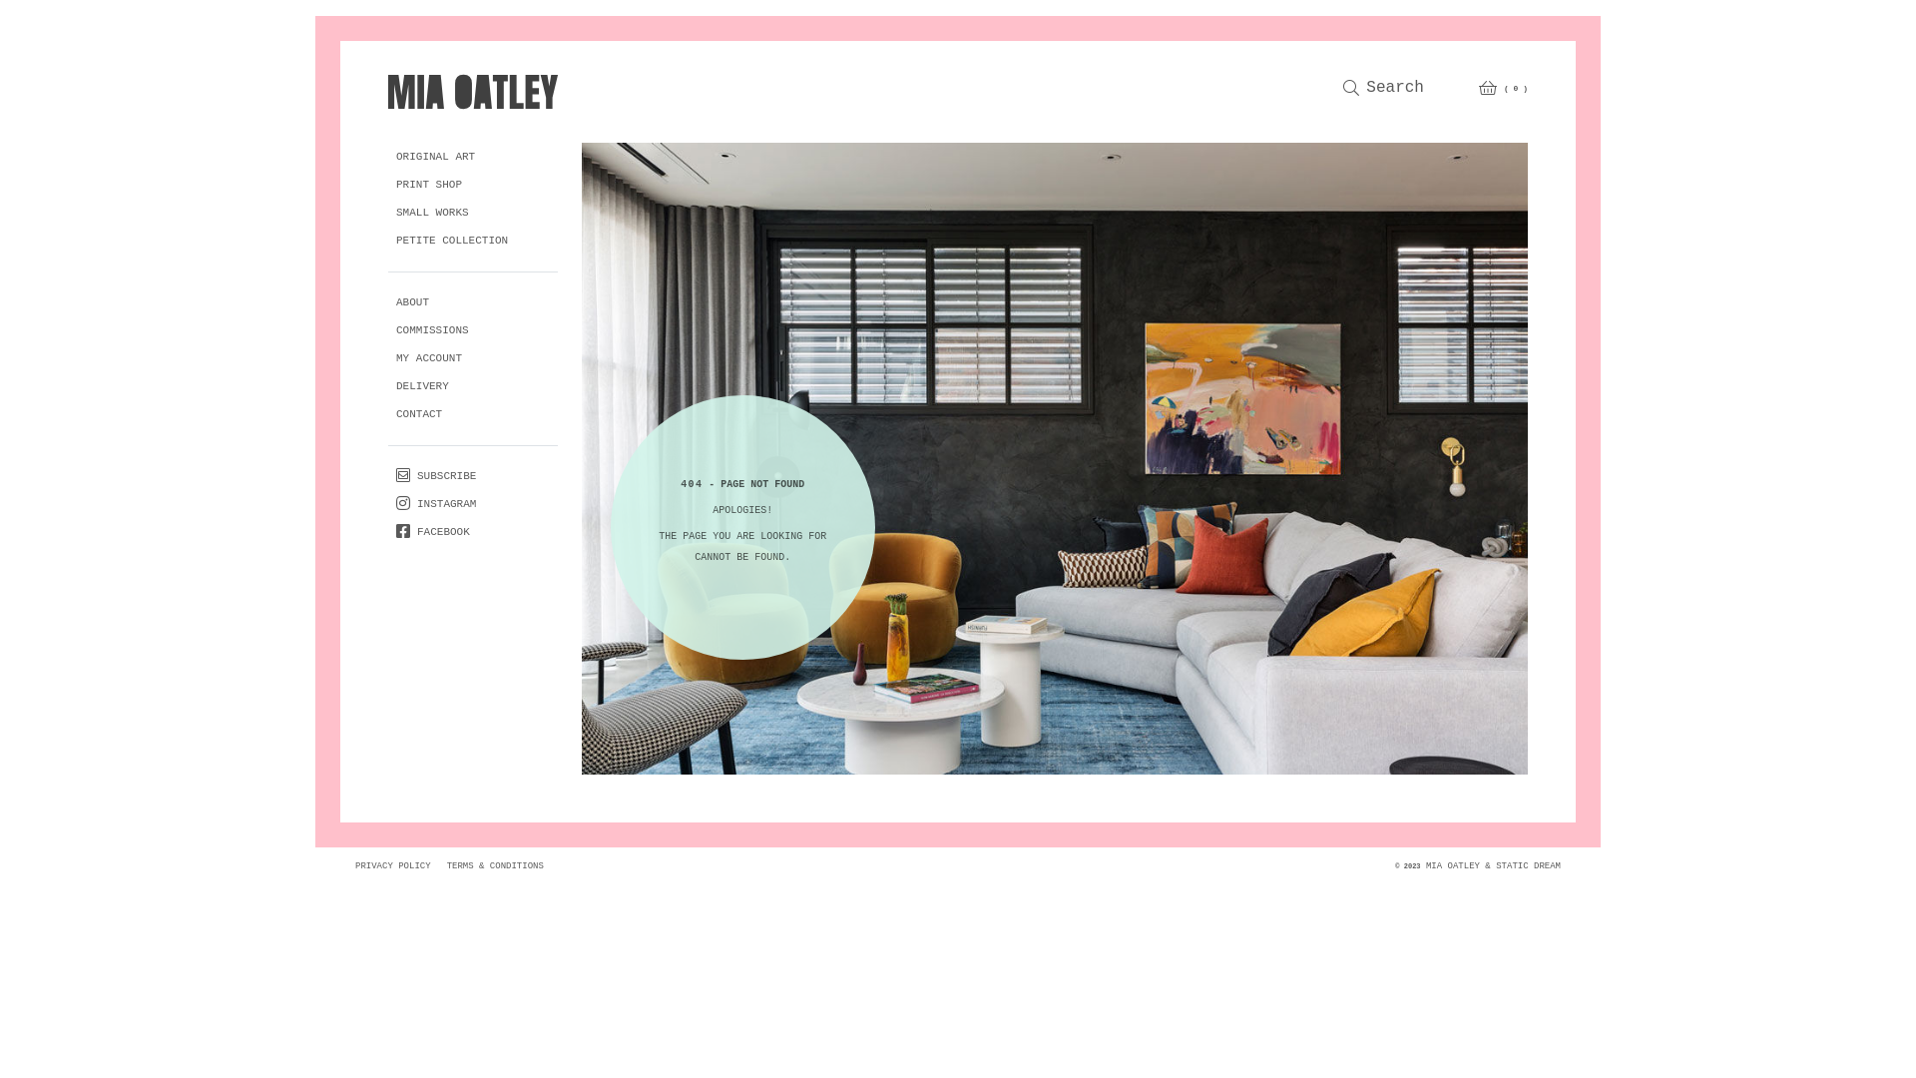 The width and height of the screenshot is (1916, 1078). I want to click on 'Commissions', so click(431, 329).